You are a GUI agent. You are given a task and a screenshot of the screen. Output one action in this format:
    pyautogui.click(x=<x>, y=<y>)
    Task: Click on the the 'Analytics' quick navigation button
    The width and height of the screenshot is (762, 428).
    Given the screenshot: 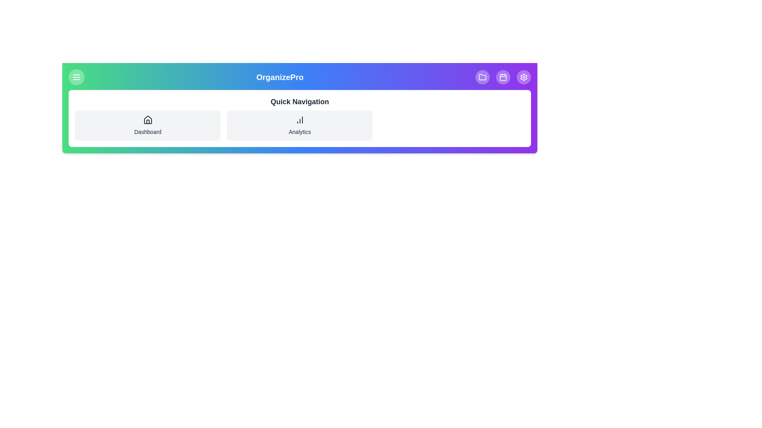 What is the action you would take?
    pyautogui.click(x=299, y=125)
    